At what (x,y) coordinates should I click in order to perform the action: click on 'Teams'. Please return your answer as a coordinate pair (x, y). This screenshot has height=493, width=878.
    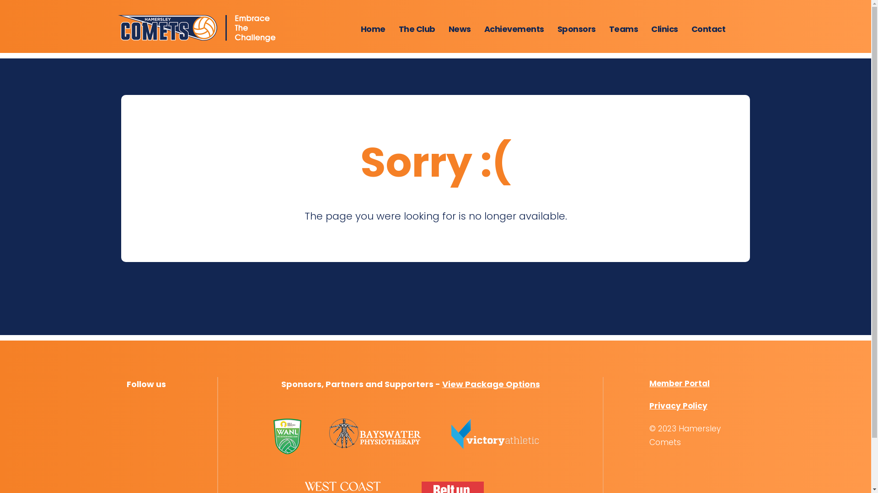
    Looking at the image, I should click on (623, 28).